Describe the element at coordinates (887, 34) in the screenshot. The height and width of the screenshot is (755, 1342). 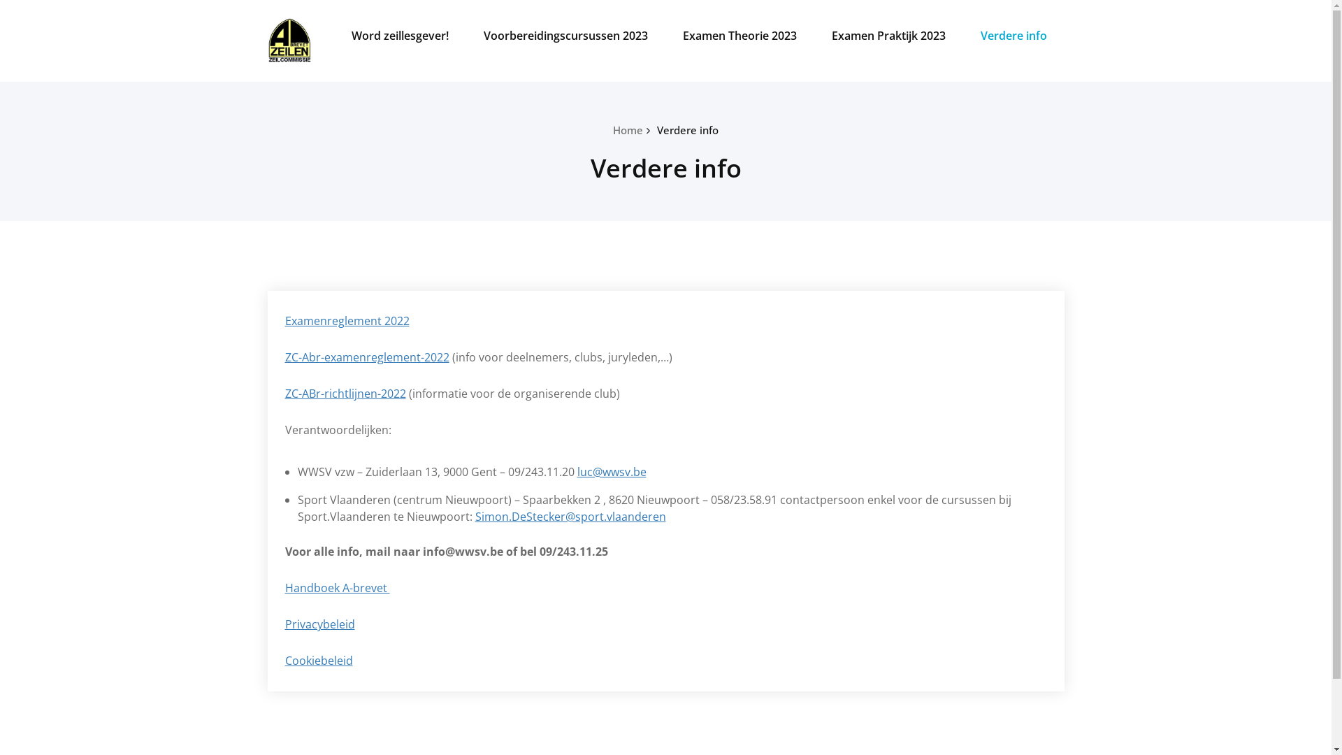
I see `'Examen Praktijk 2023'` at that location.